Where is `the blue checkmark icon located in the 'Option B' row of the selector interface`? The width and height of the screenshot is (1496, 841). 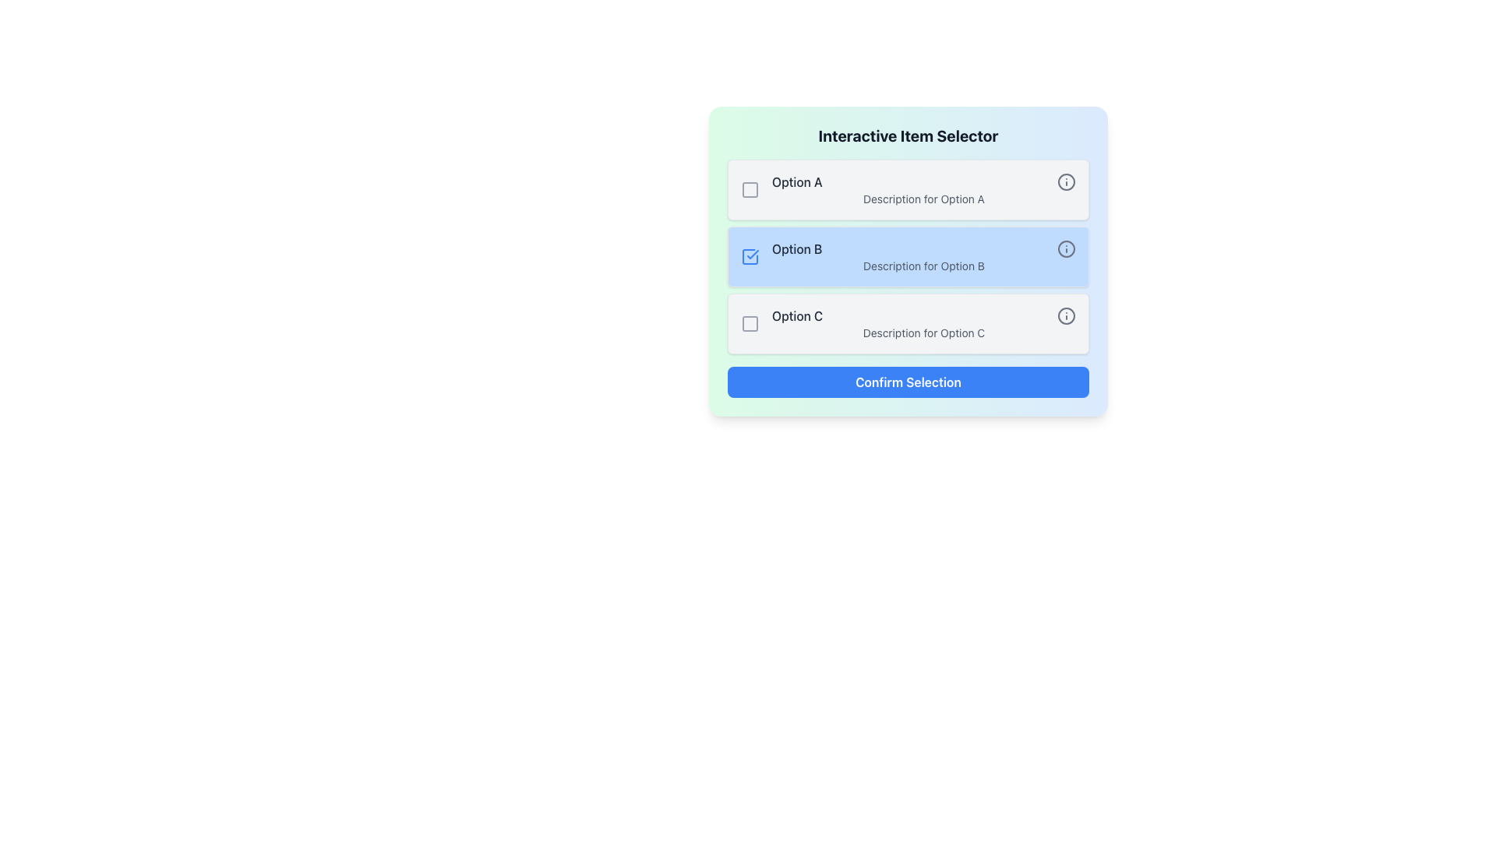 the blue checkmark icon located in the 'Option B' row of the selector interface is located at coordinates (753, 254).